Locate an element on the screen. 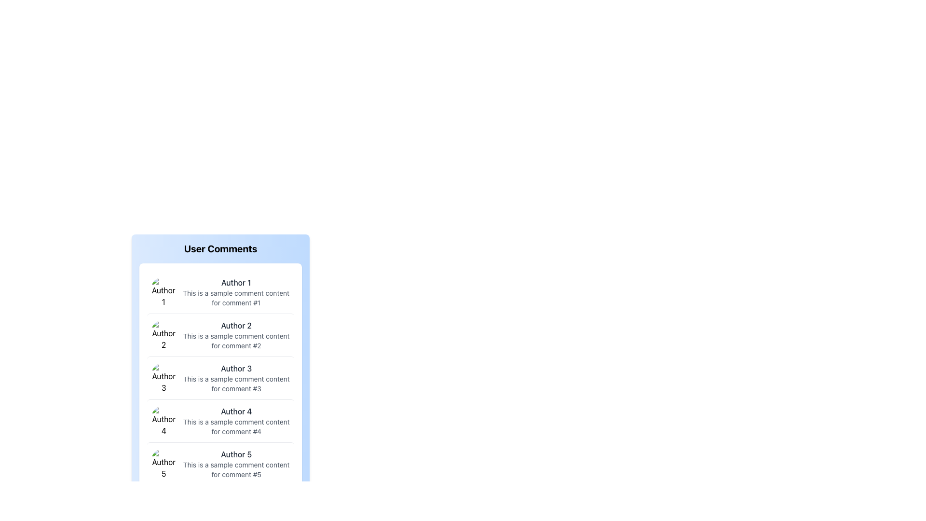  the fourth comment block in the vertically stacked list of user comments, which displays the user's avatar and name is located at coordinates (220, 420).